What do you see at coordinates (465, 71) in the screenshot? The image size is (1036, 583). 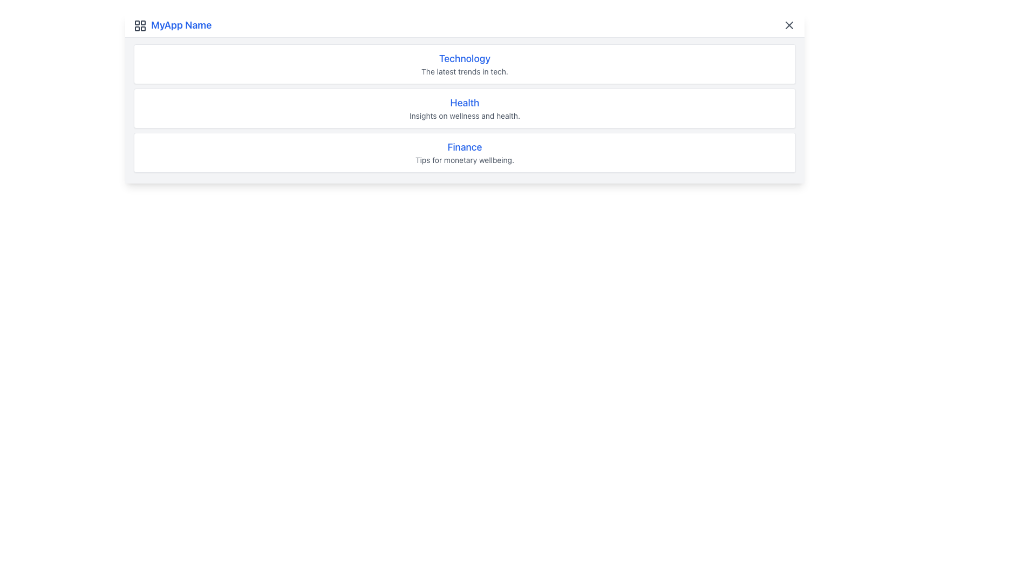 I see `the informational text label that provides a brief description related to the 'Technology' topic, positioned directly beneath the 'Technology' title` at bounding box center [465, 71].